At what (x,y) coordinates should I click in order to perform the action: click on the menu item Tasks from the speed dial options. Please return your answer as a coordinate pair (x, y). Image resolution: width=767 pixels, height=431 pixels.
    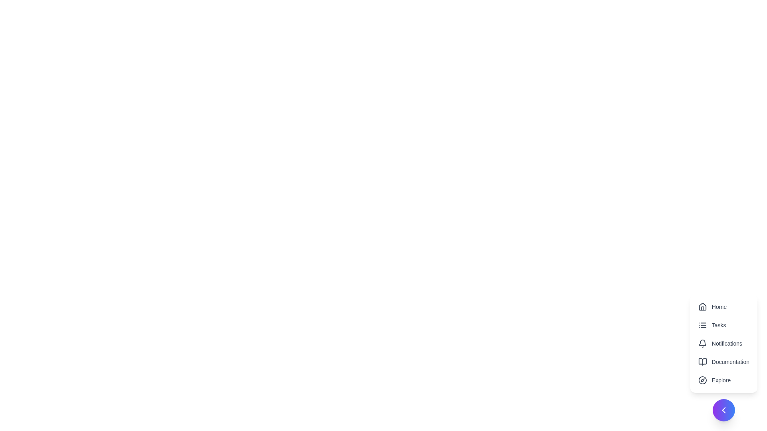
    Looking at the image, I should click on (723, 325).